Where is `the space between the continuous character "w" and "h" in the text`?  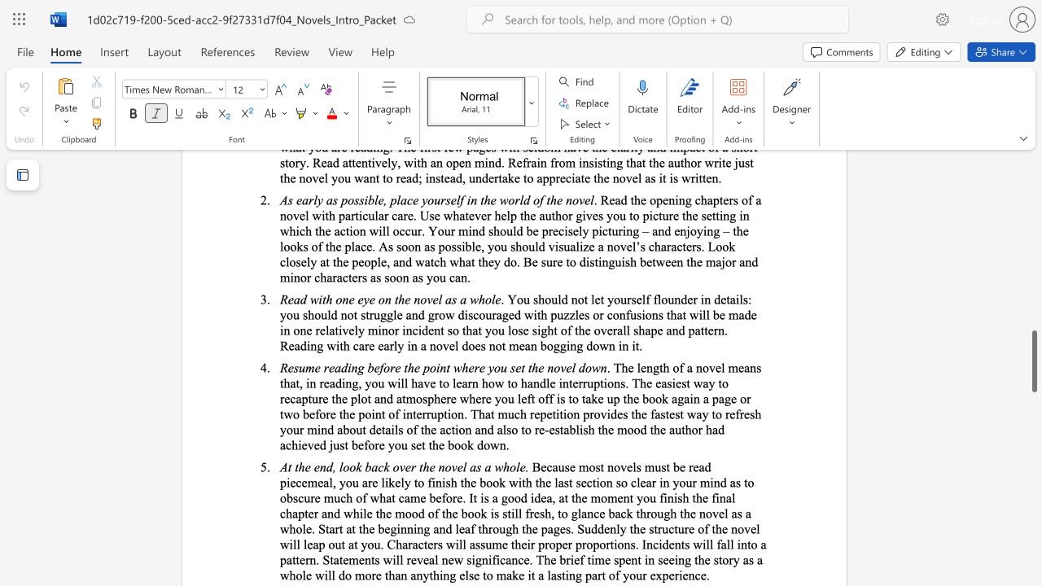
the space between the continuous character "w" and "h" in the text is located at coordinates (460, 367).